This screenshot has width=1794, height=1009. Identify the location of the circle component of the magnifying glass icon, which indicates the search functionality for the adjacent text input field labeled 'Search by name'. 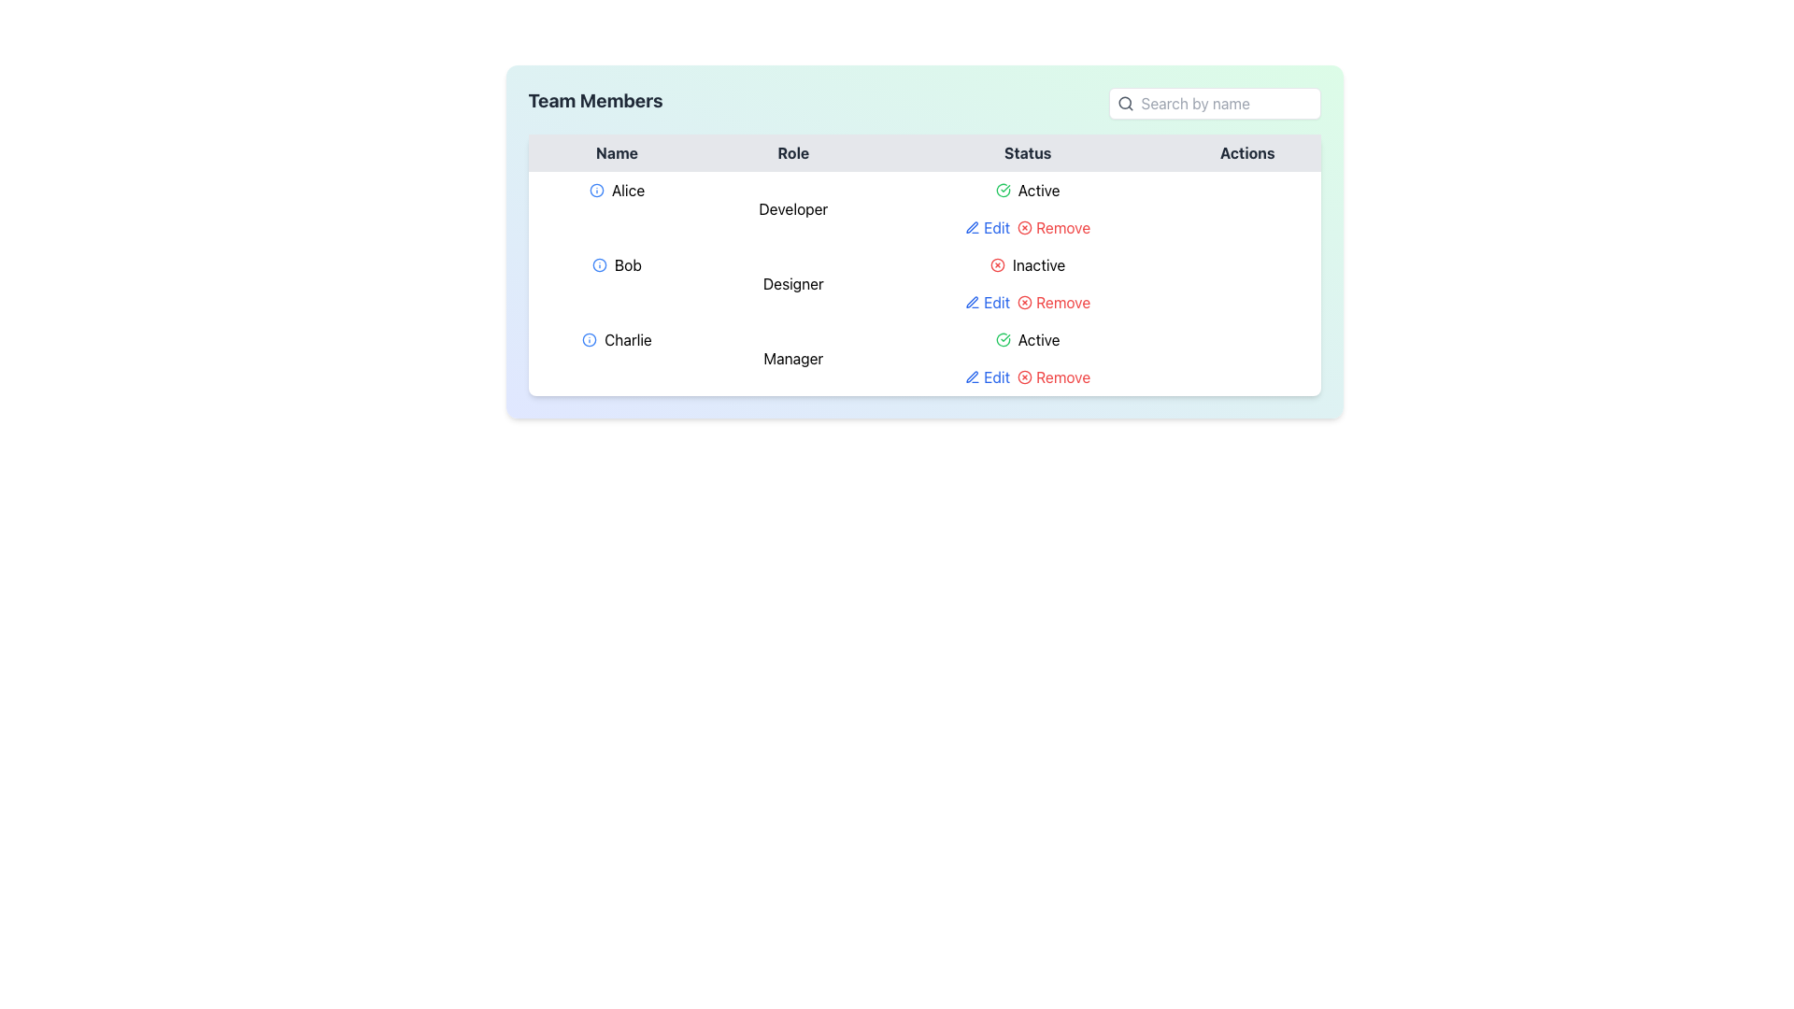
(1123, 103).